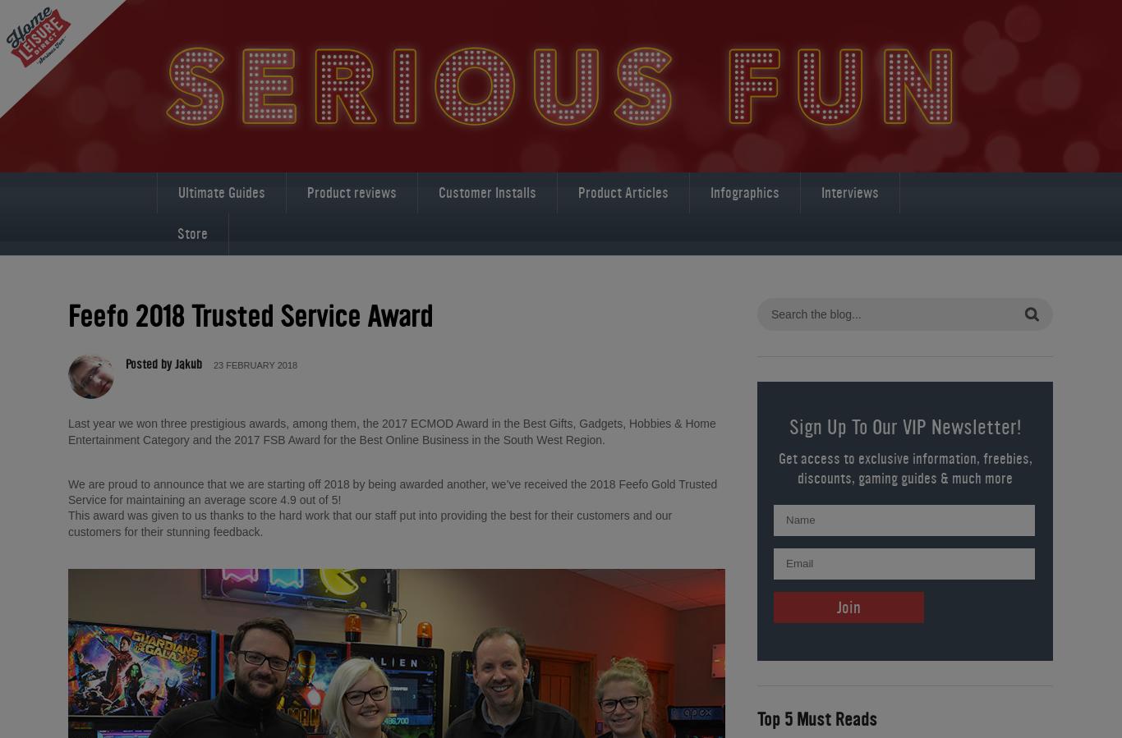 This screenshot has height=738, width=1122. What do you see at coordinates (255, 364) in the screenshot?
I see `'23 FEBRUARY 2018'` at bounding box center [255, 364].